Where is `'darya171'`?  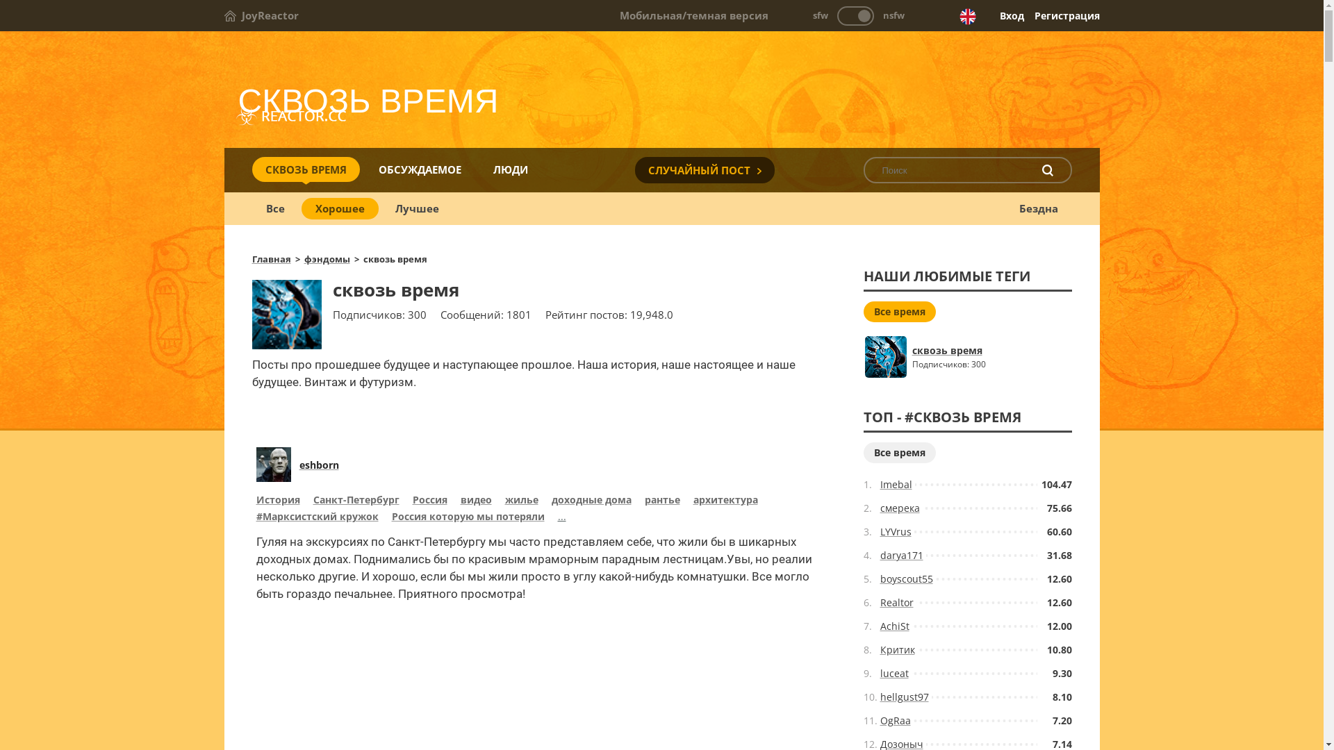
'darya171' is located at coordinates (900, 554).